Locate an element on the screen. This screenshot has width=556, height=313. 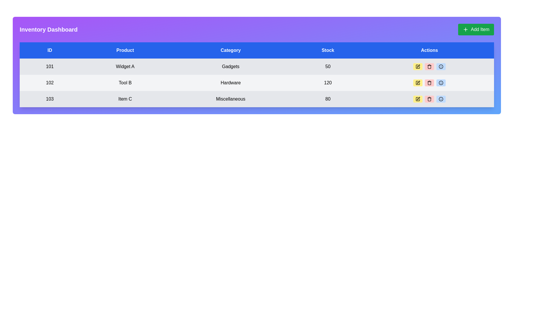
the 'info' button, which is the fourth button in the 'Actions' column of the last row of the table is located at coordinates (440, 99).